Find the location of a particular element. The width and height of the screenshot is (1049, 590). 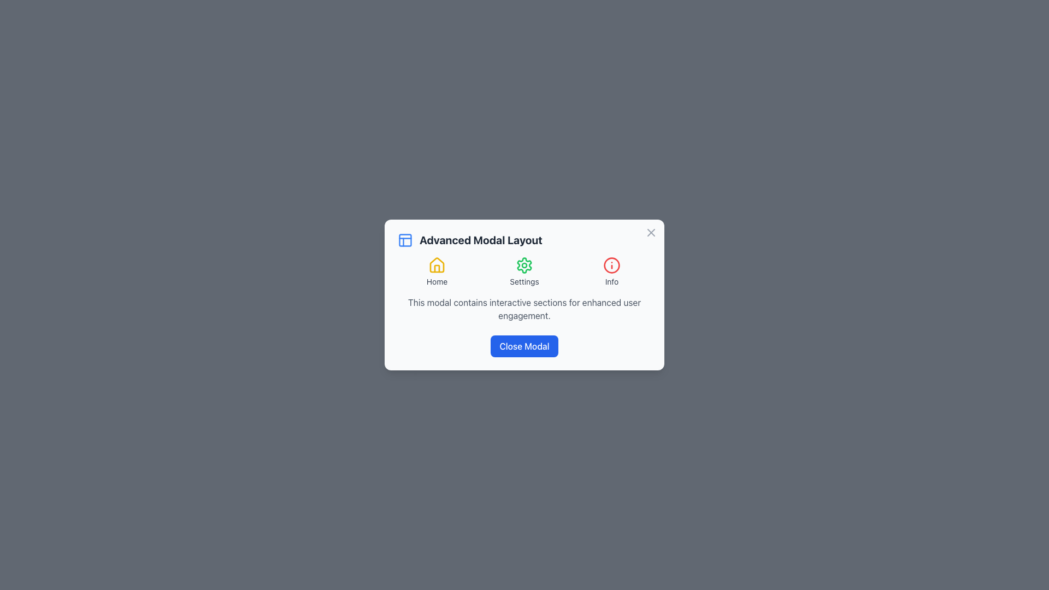

the 'Settings' icon in the navigation menu located within the 'Advanced Modal Layout' dialog box is located at coordinates (524, 271).